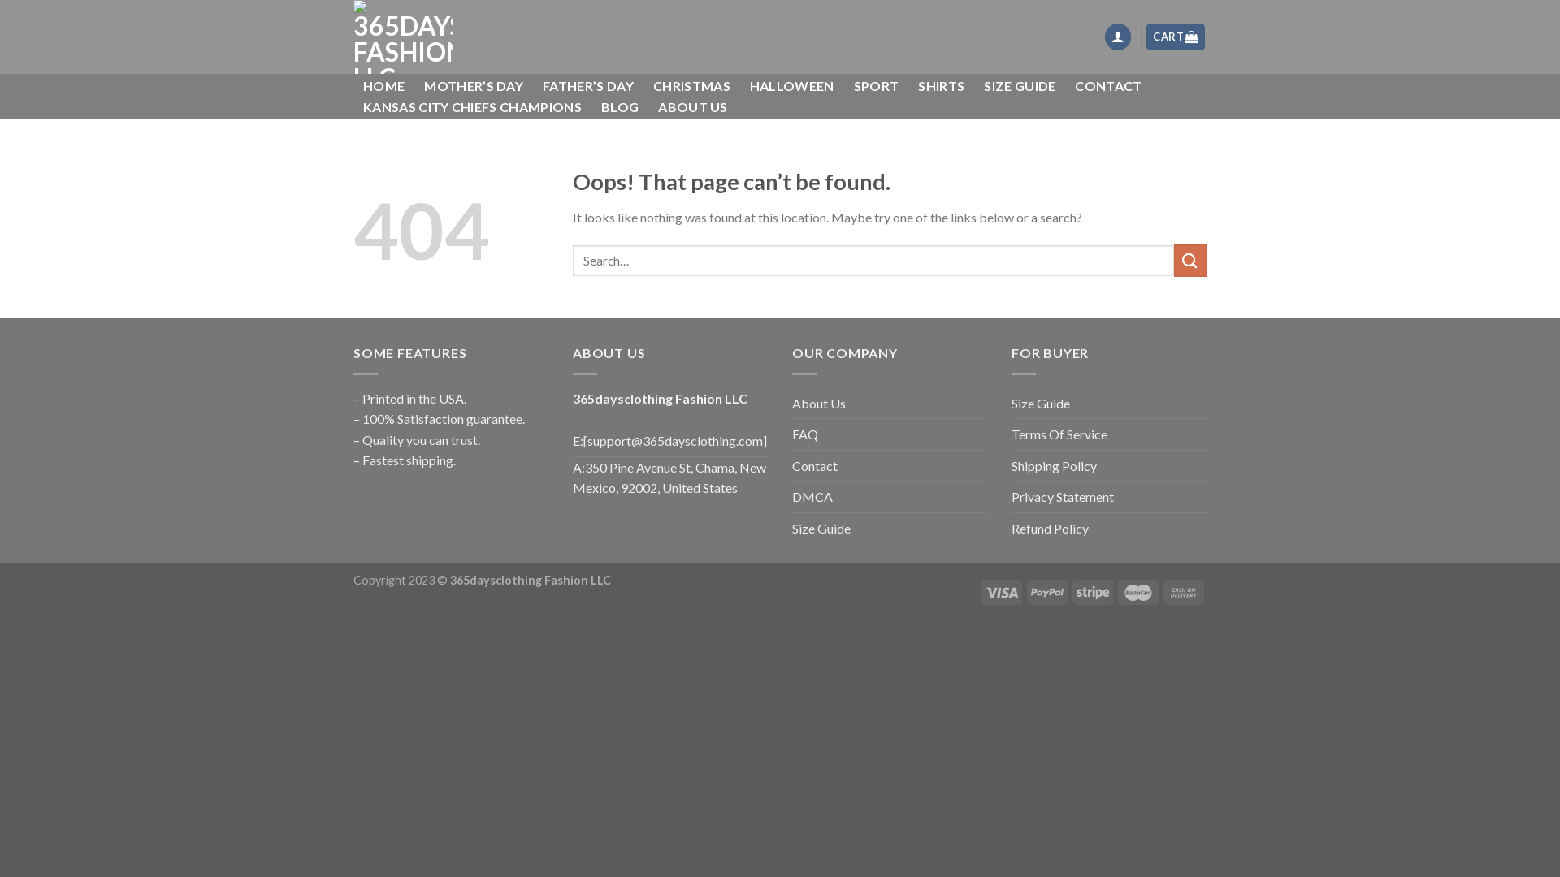  Describe the element at coordinates (583, 441) in the screenshot. I see `'[support@365daysclothing.com]'` at that location.